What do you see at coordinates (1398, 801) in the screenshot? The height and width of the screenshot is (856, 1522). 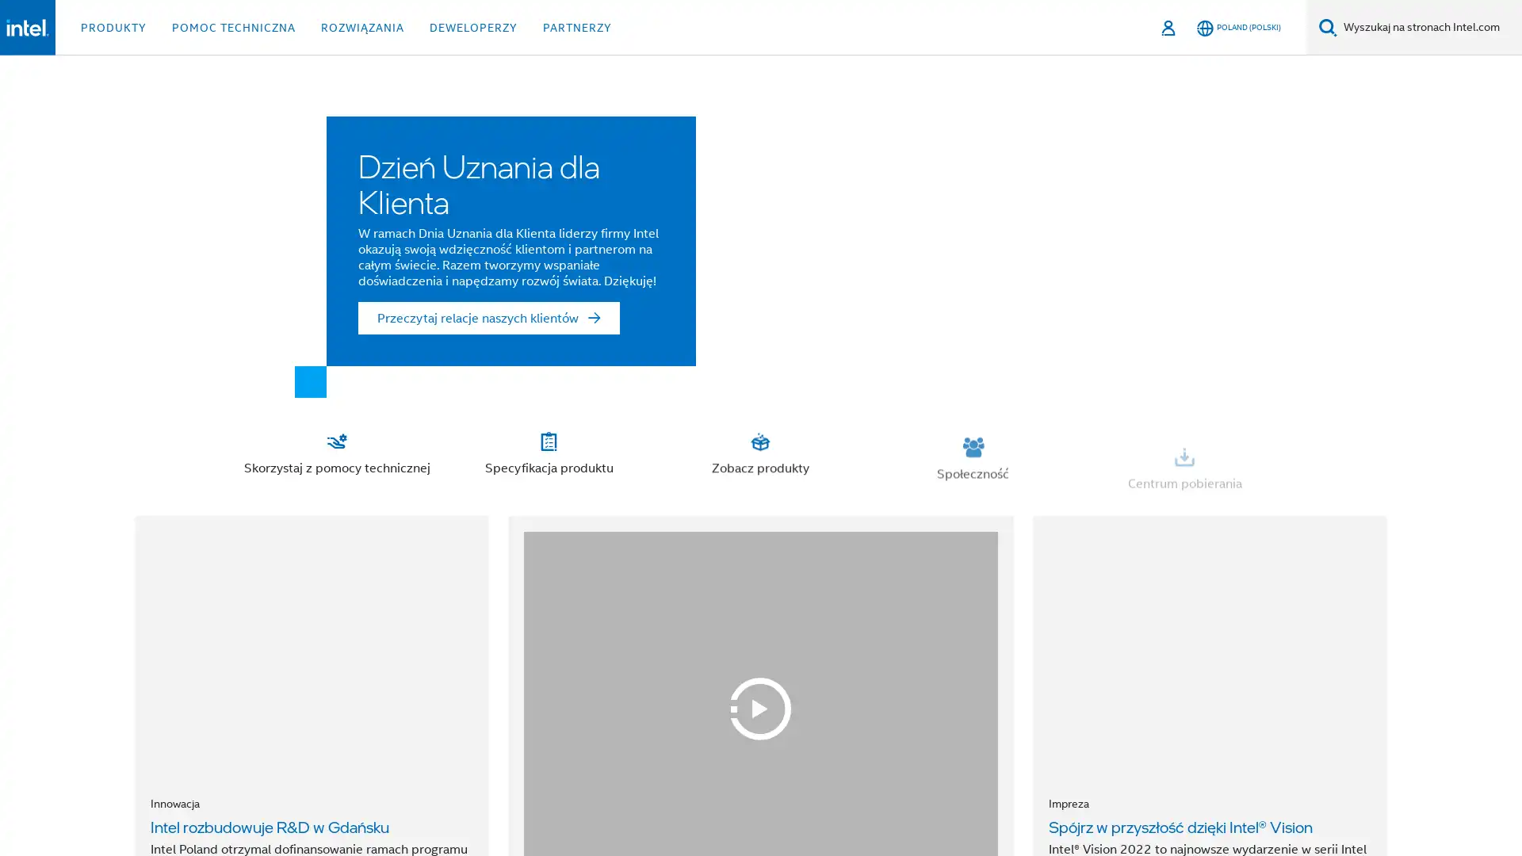 I see `Dezaktywuj pliki cookie` at bounding box center [1398, 801].